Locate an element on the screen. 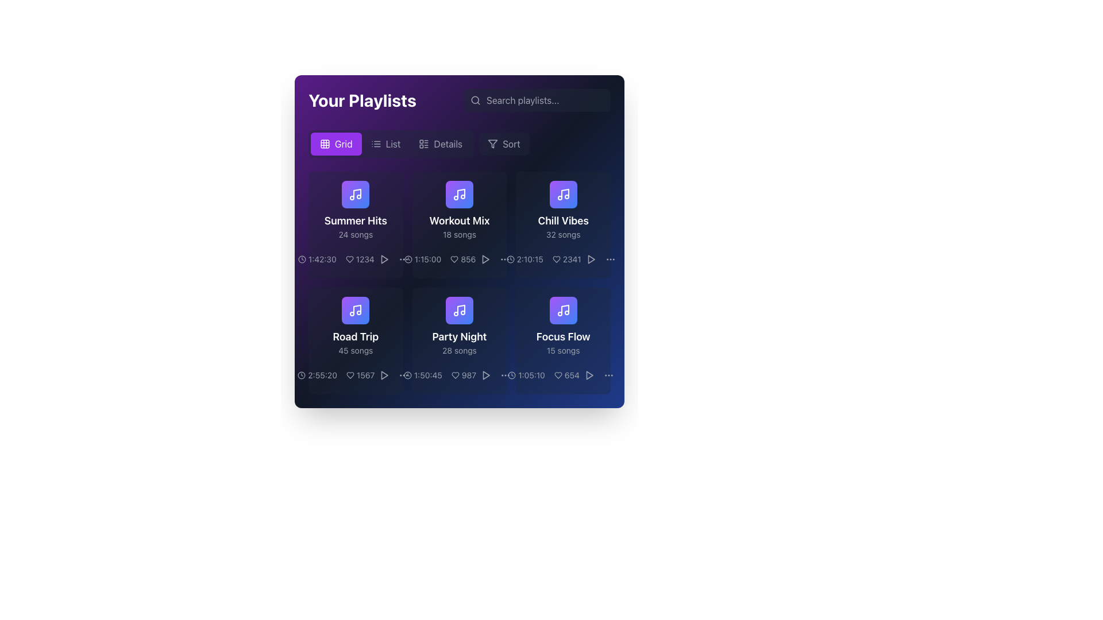 The width and height of the screenshot is (1103, 620). value from the static text label displaying '2341' next to the heart icon in the 'Chill Vibes' playlist card is located at coordinates (563, 259).